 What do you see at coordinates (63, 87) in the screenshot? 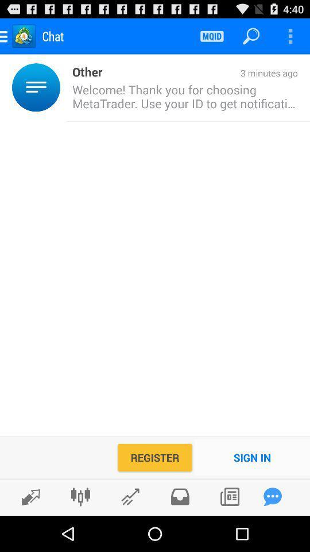
I see `the icon next to the other` at bounding box center [63, 87].